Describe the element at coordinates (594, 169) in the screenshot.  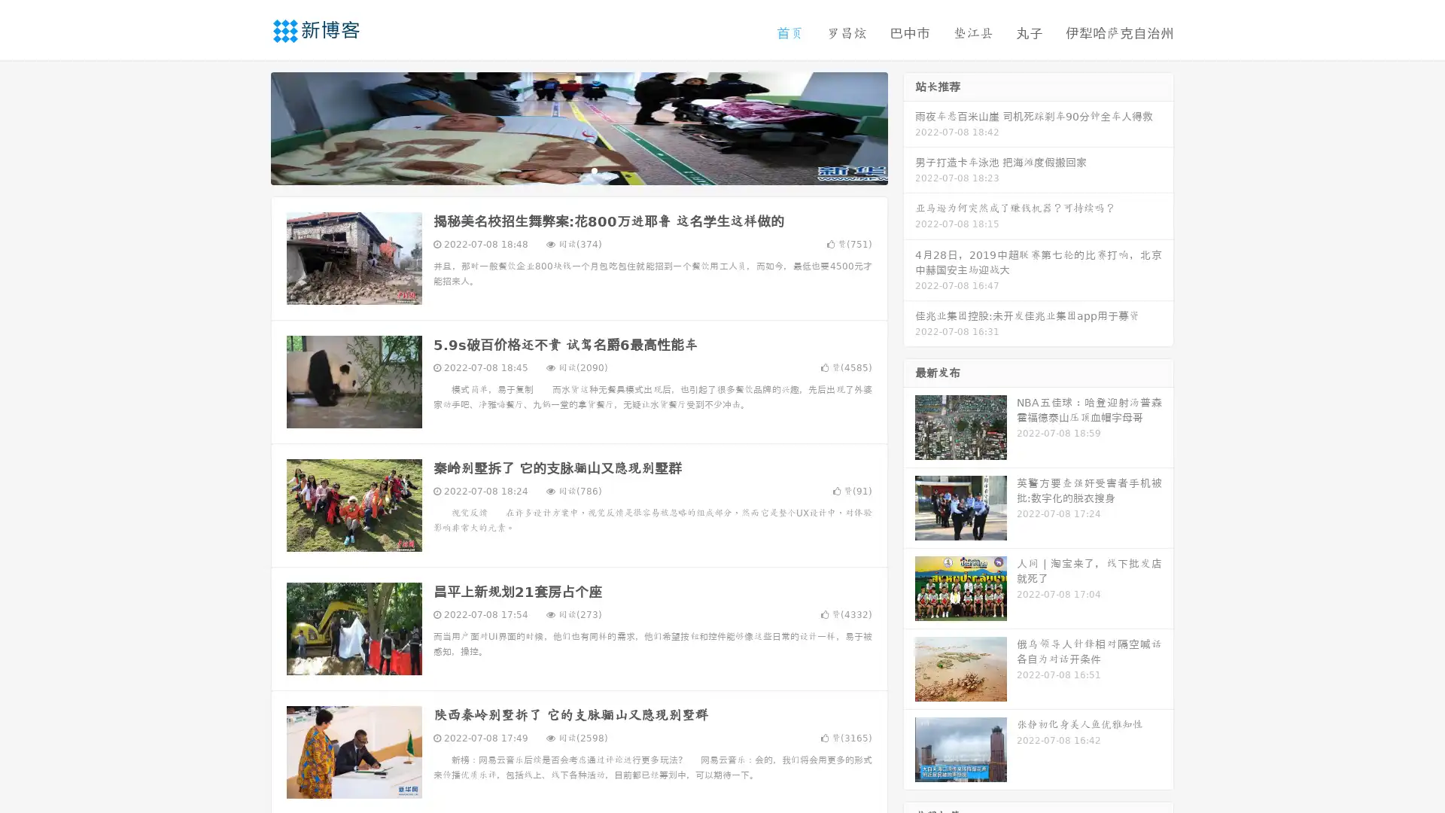
I see `Go to slide 3` at that location.